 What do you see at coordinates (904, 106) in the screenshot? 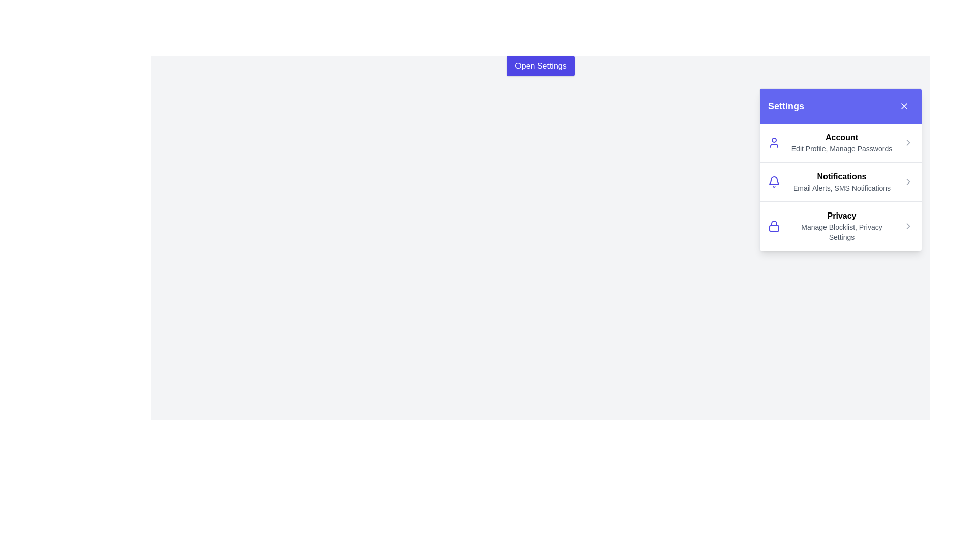
I see `the 'X'-shaped close icon in the top-right corner of the 'Settings' card` at bounding box center [904, 106].